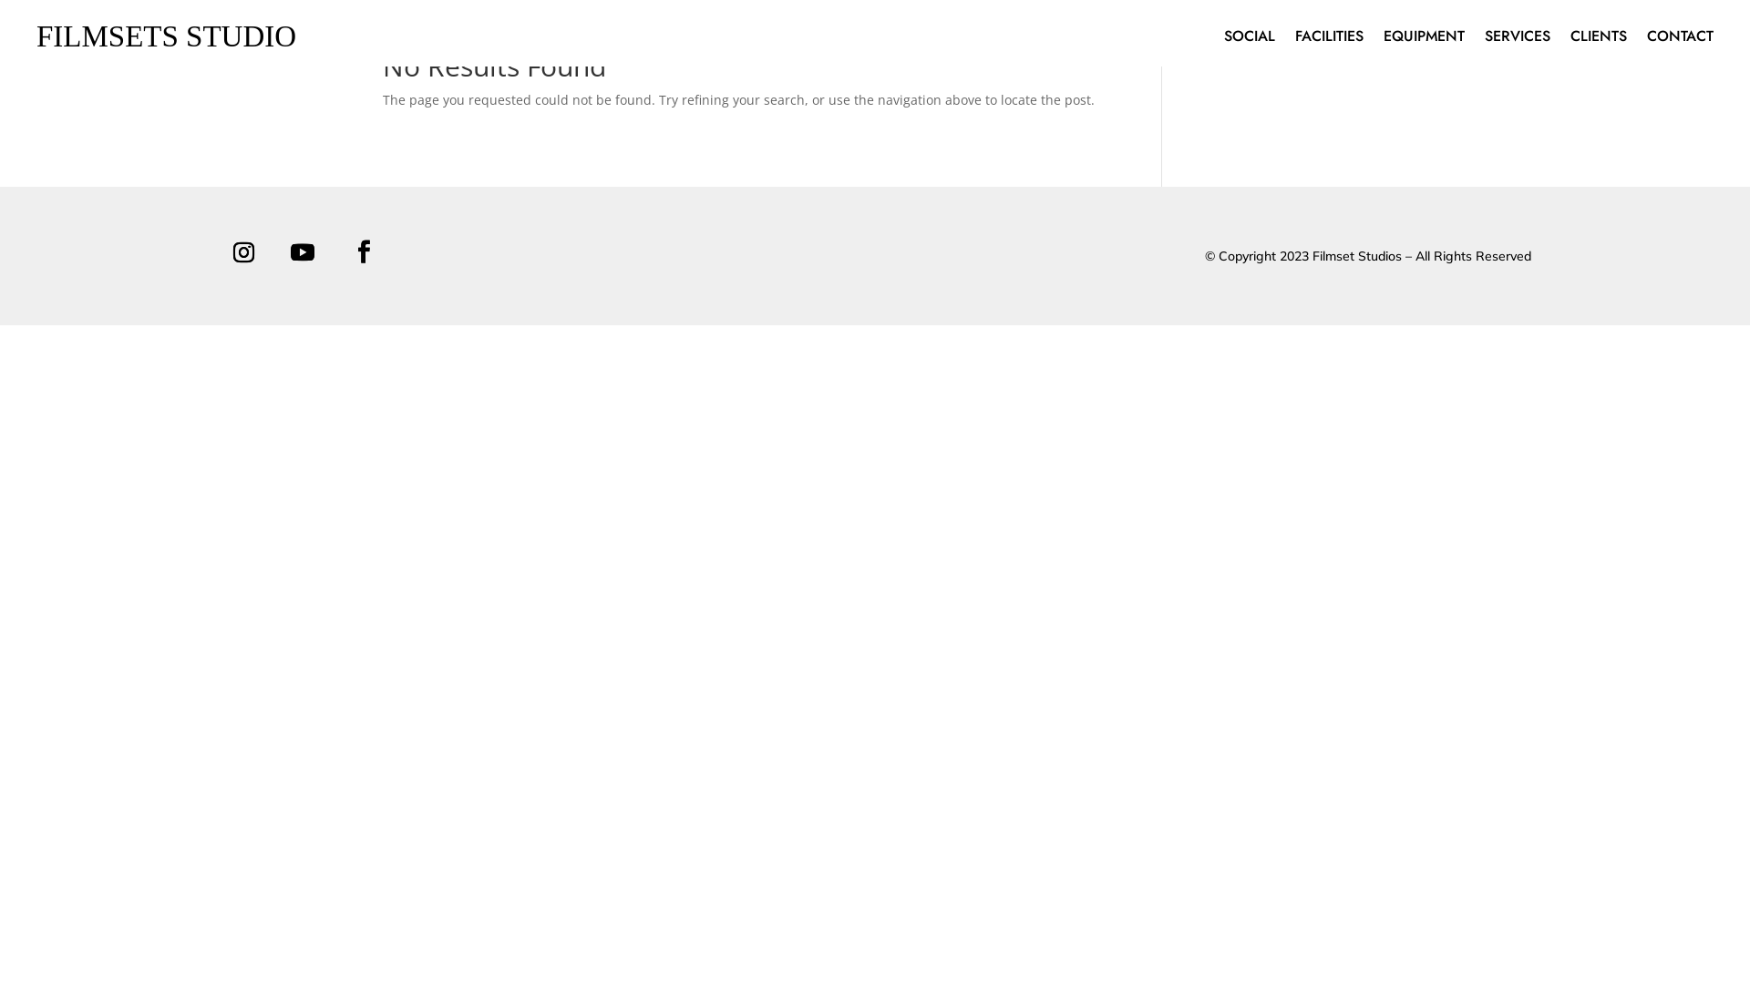 The width and height of the screenshot is (1750, 984). I want to click on 'CLIENTS', so click(1597, 39).